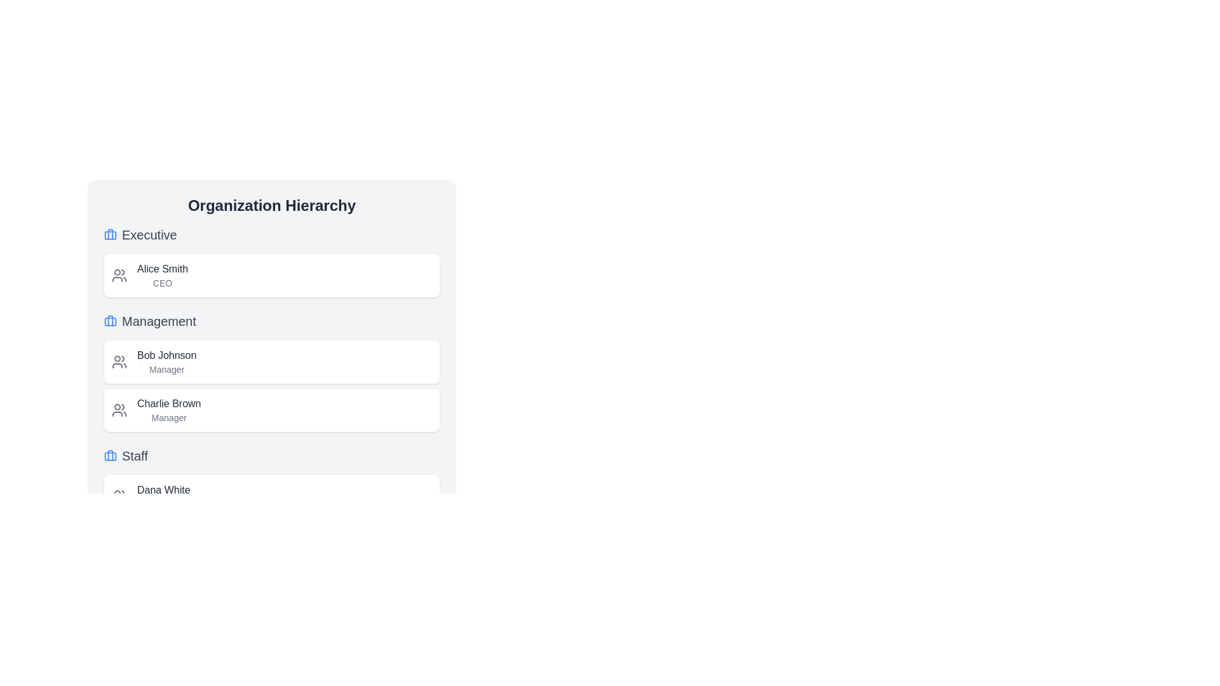  Describe the element at coordinates (168, 404) in the screenshot. I see `the text element that displays the name 'Charlie Brown' and the role 'Manager' within the 'Management' group` at that location.